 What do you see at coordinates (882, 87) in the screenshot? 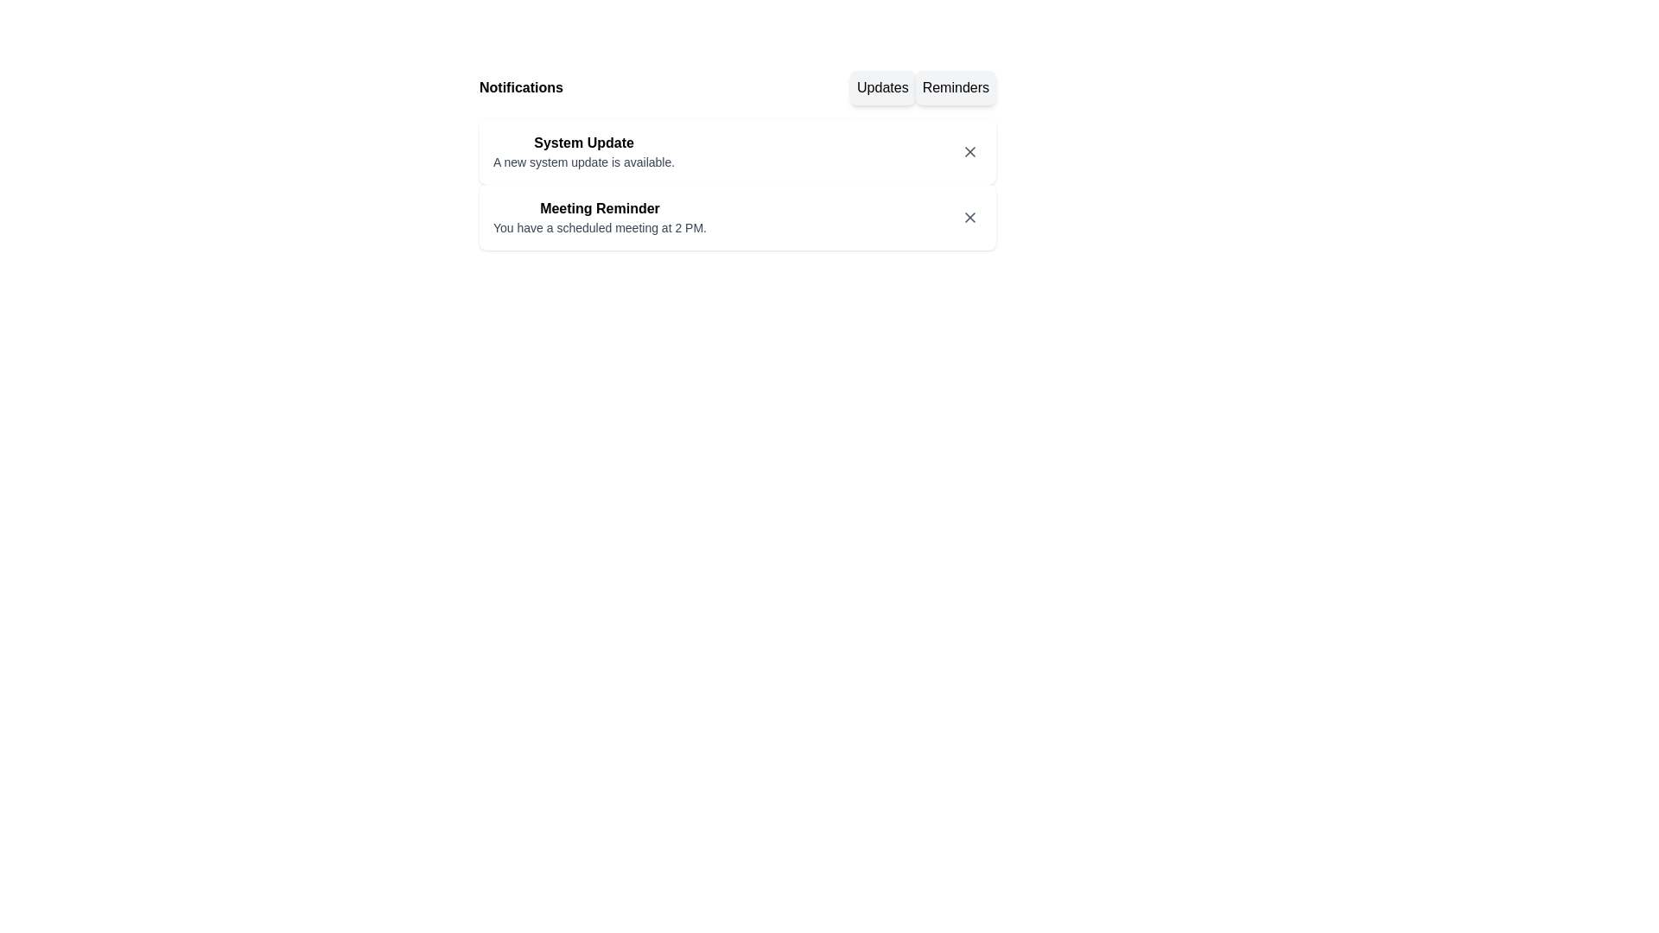
I see `the button labeled Updates to filter notifications by the selected category` at bounding box center [882, 87].